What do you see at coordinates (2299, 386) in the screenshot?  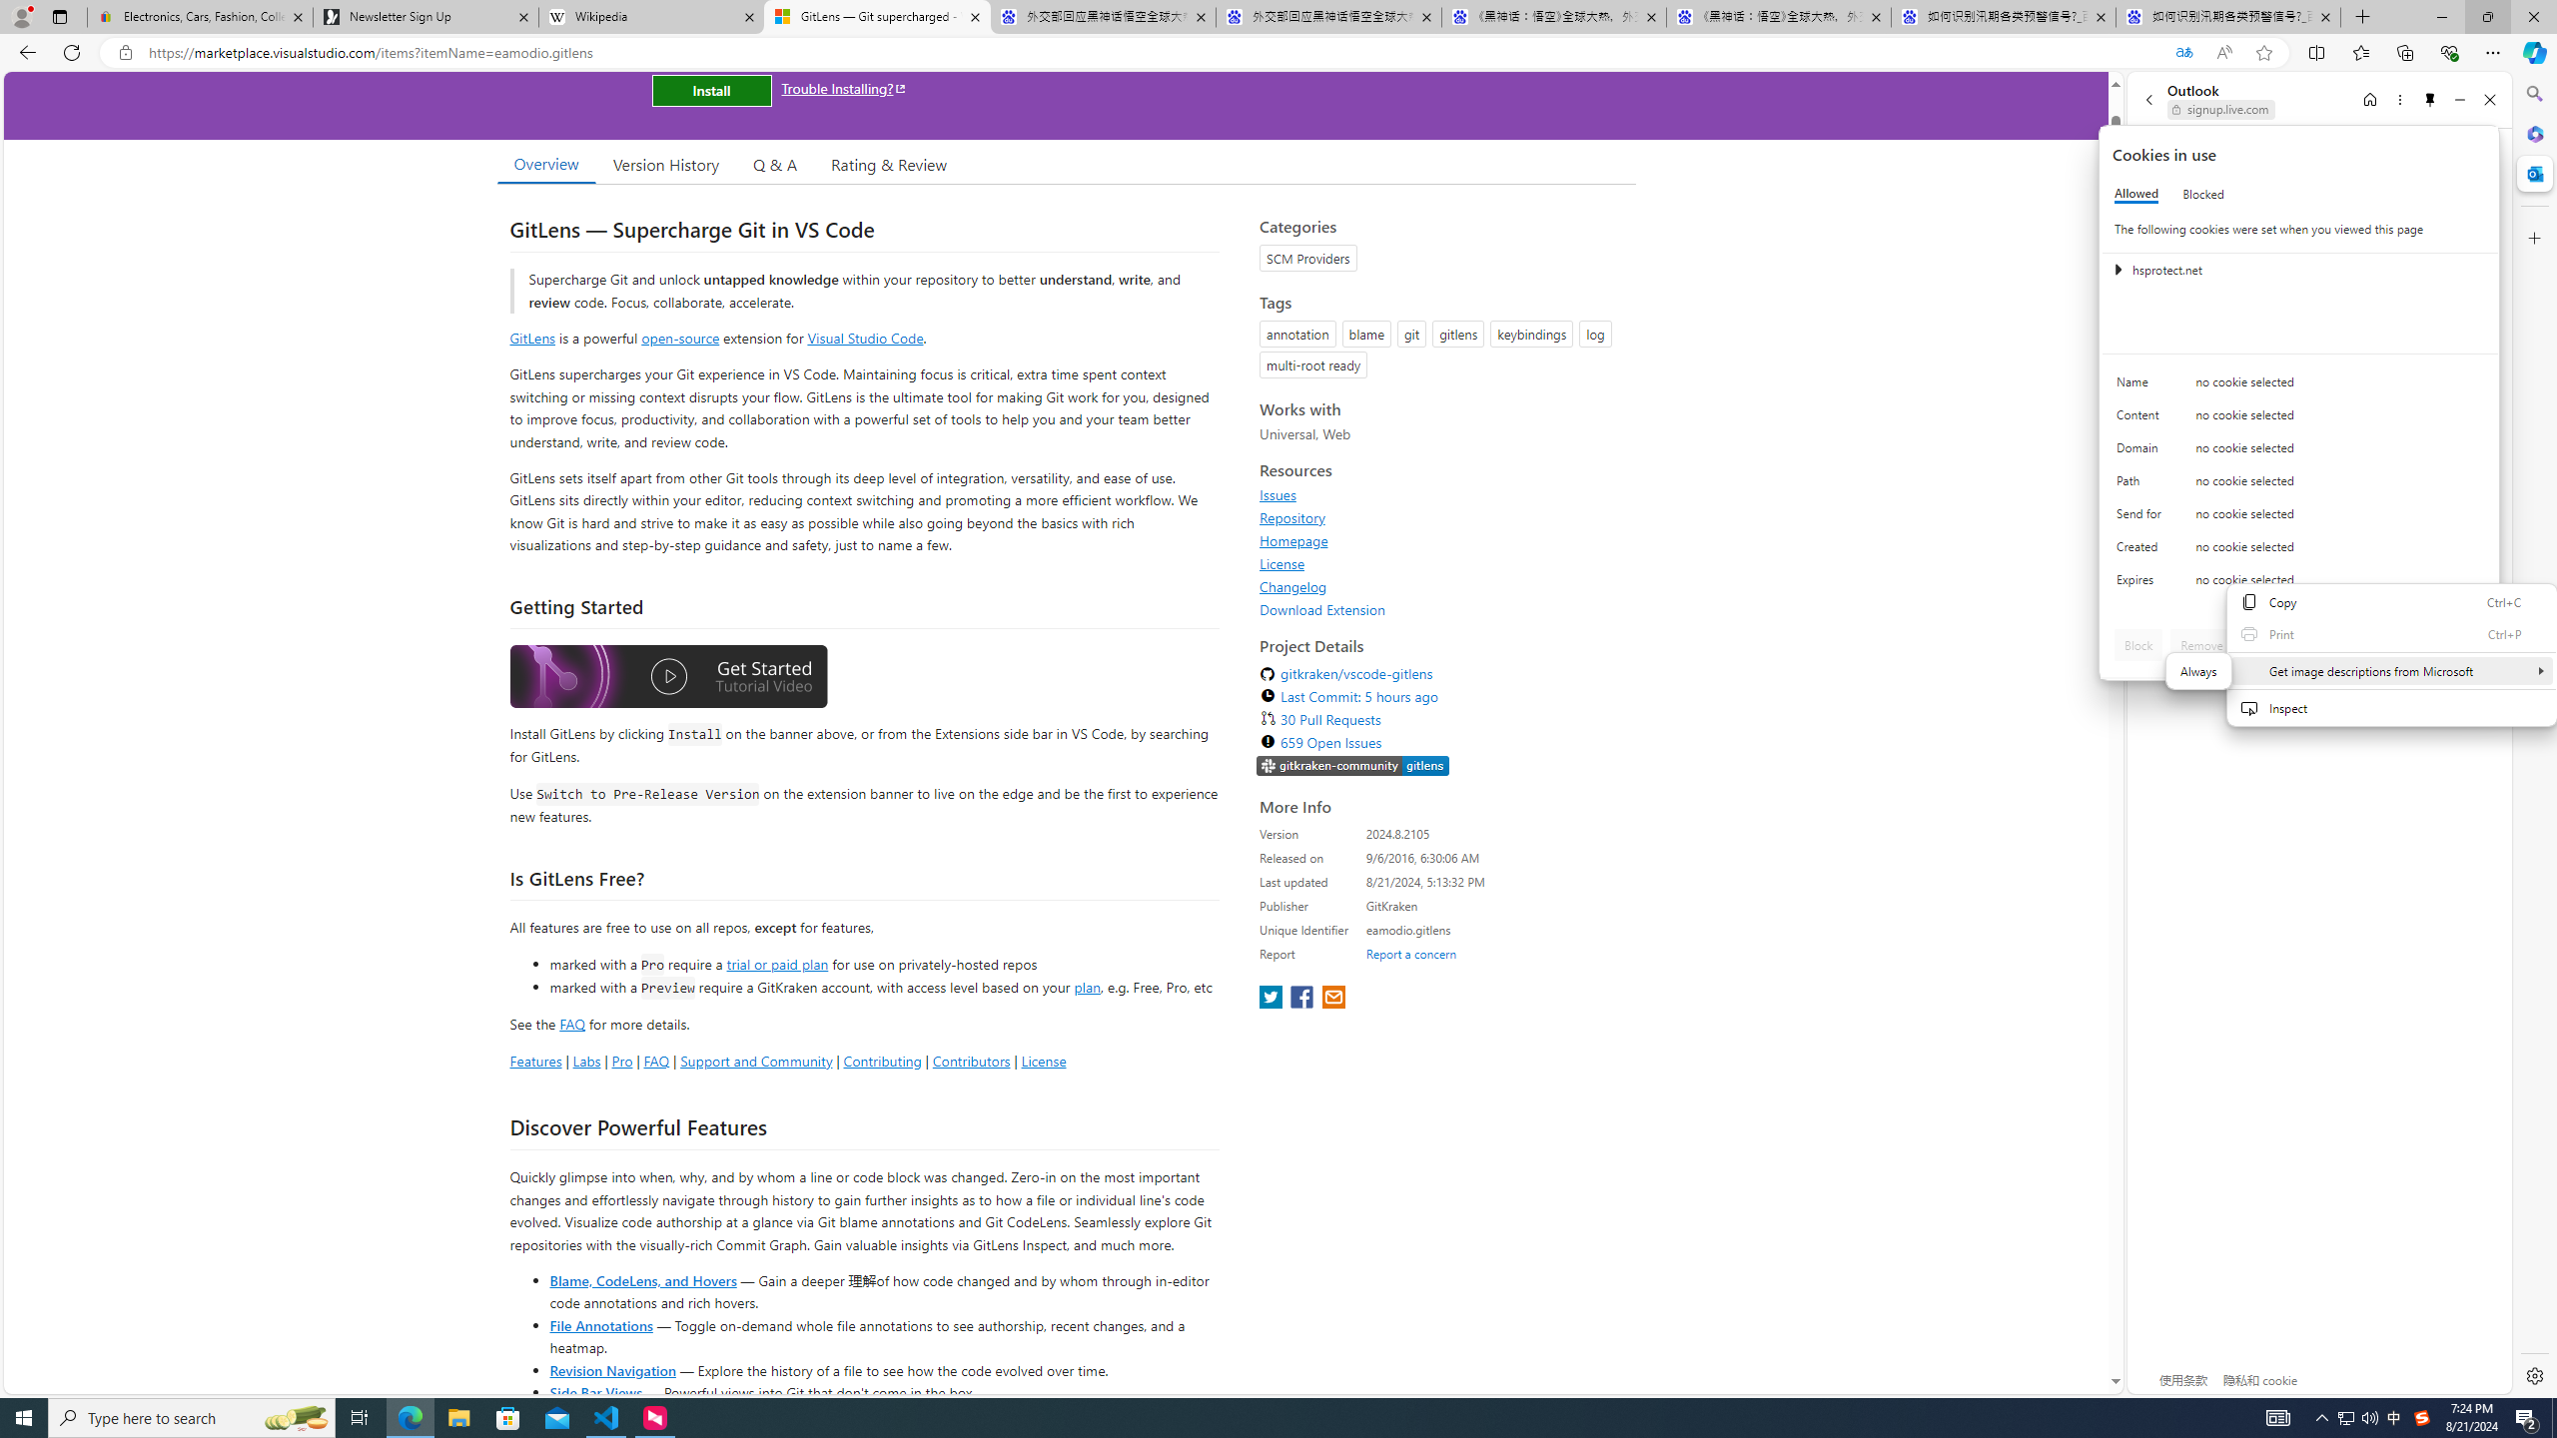 I see `'Class: c0153 c0157 c0154'` at bounding box center [2299, 386].